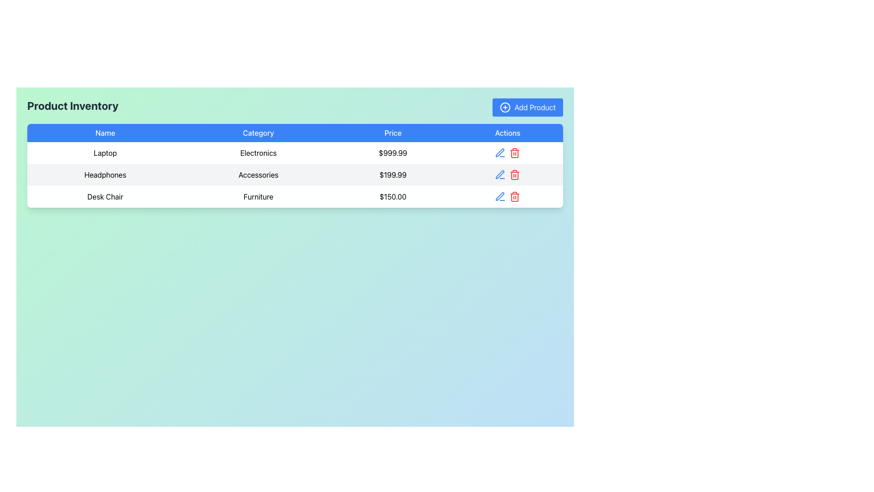 This screenshot has width=874, height=492. What do you see at coordinates (295, 152) in the screenshot?
I see `the first data display row in the Product Inventory table, which shows product details including name, category, and price` at bounding box center [295, 152].